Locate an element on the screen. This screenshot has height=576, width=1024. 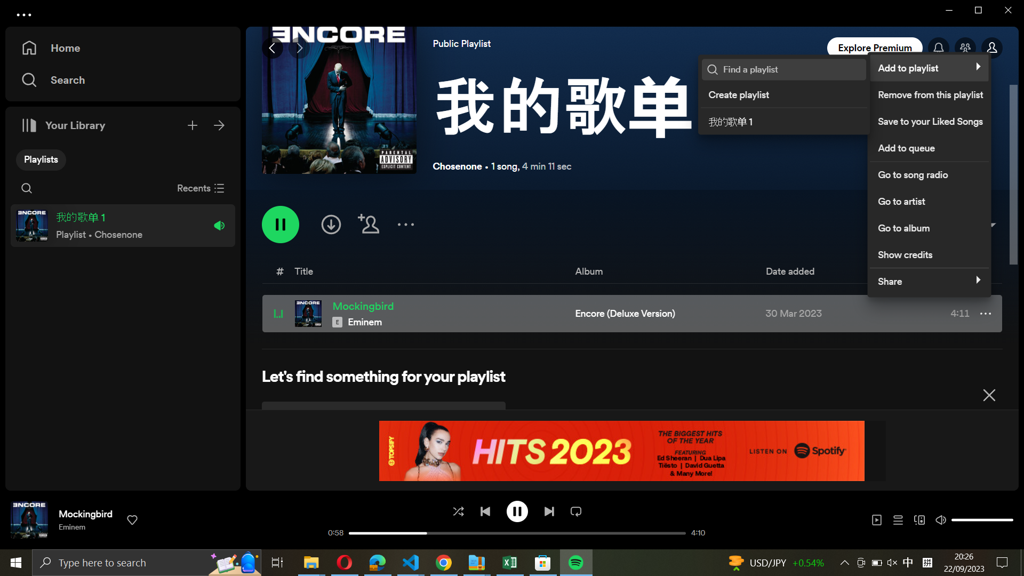
Click button for going for a specific artist is located at coordinates (928, 199).